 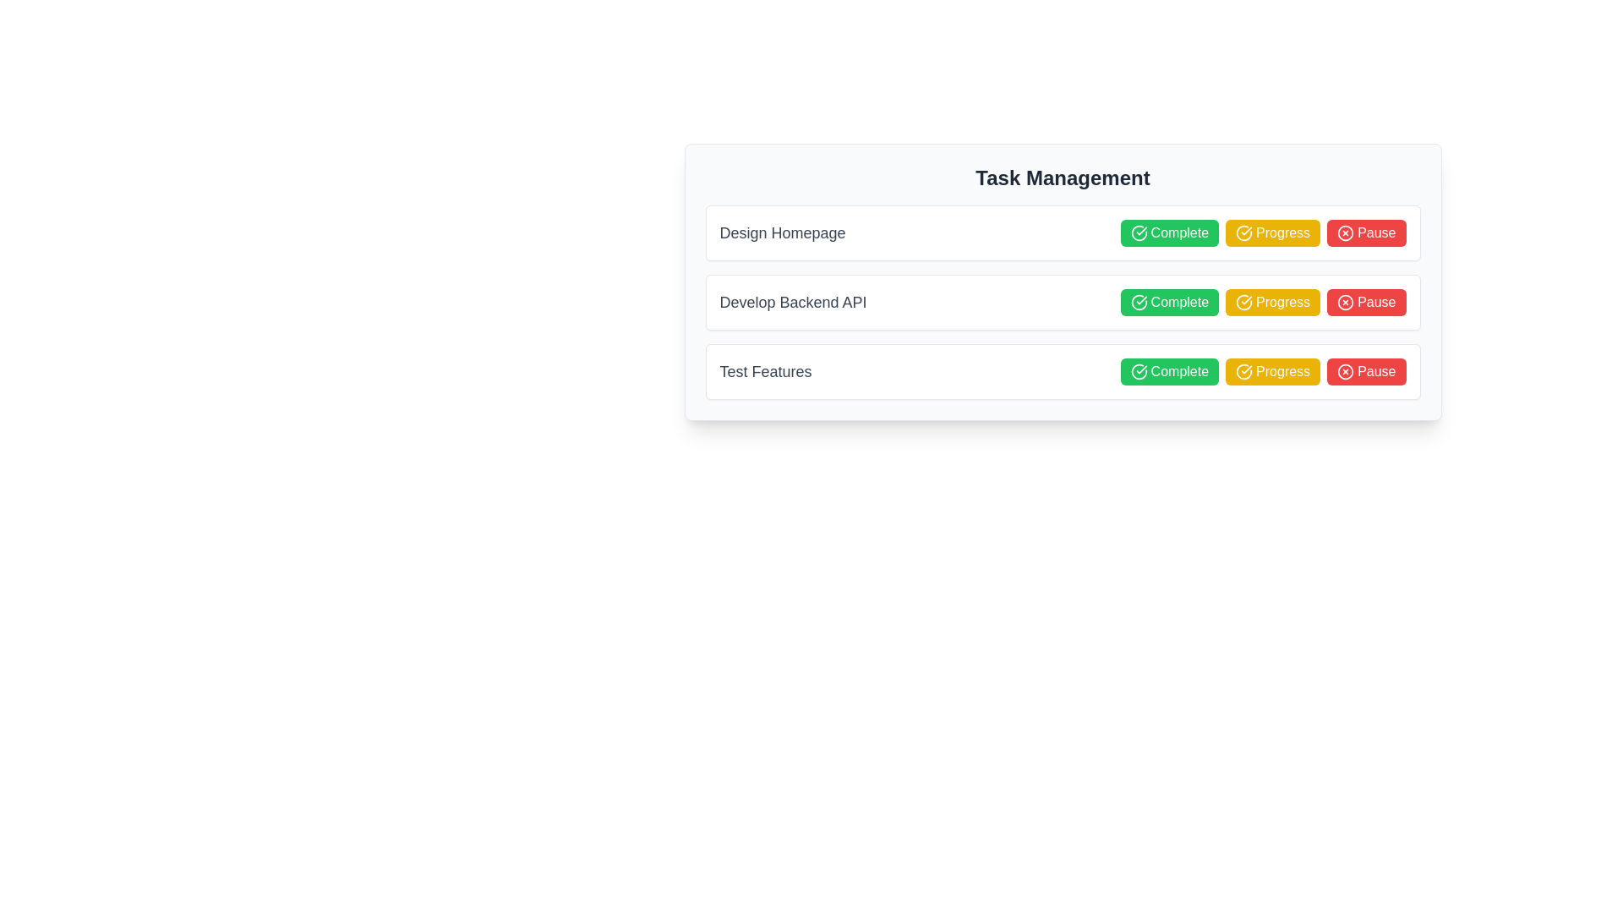 I want to click on the 'Progress' button, which is the second button in the task management section, so click(x=1273, y=302).